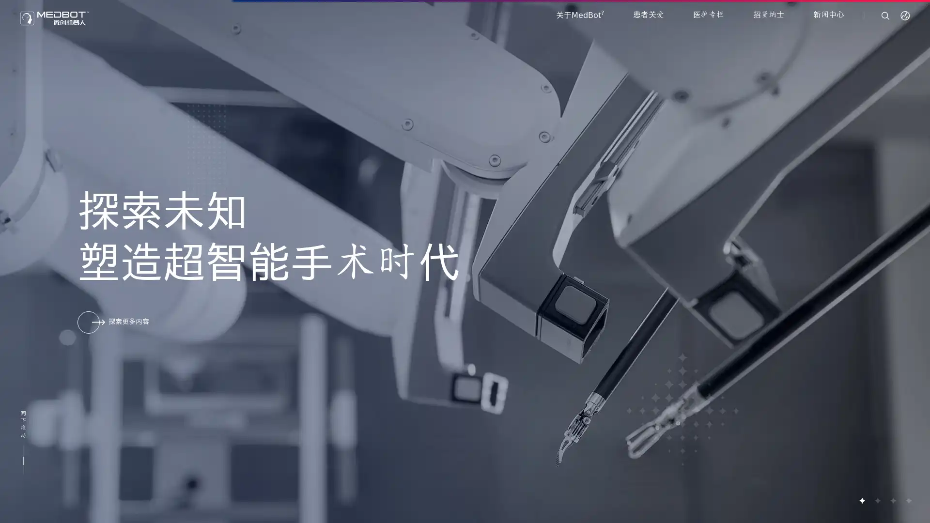  I want to click on Go to slide 1, so click(862, 500).